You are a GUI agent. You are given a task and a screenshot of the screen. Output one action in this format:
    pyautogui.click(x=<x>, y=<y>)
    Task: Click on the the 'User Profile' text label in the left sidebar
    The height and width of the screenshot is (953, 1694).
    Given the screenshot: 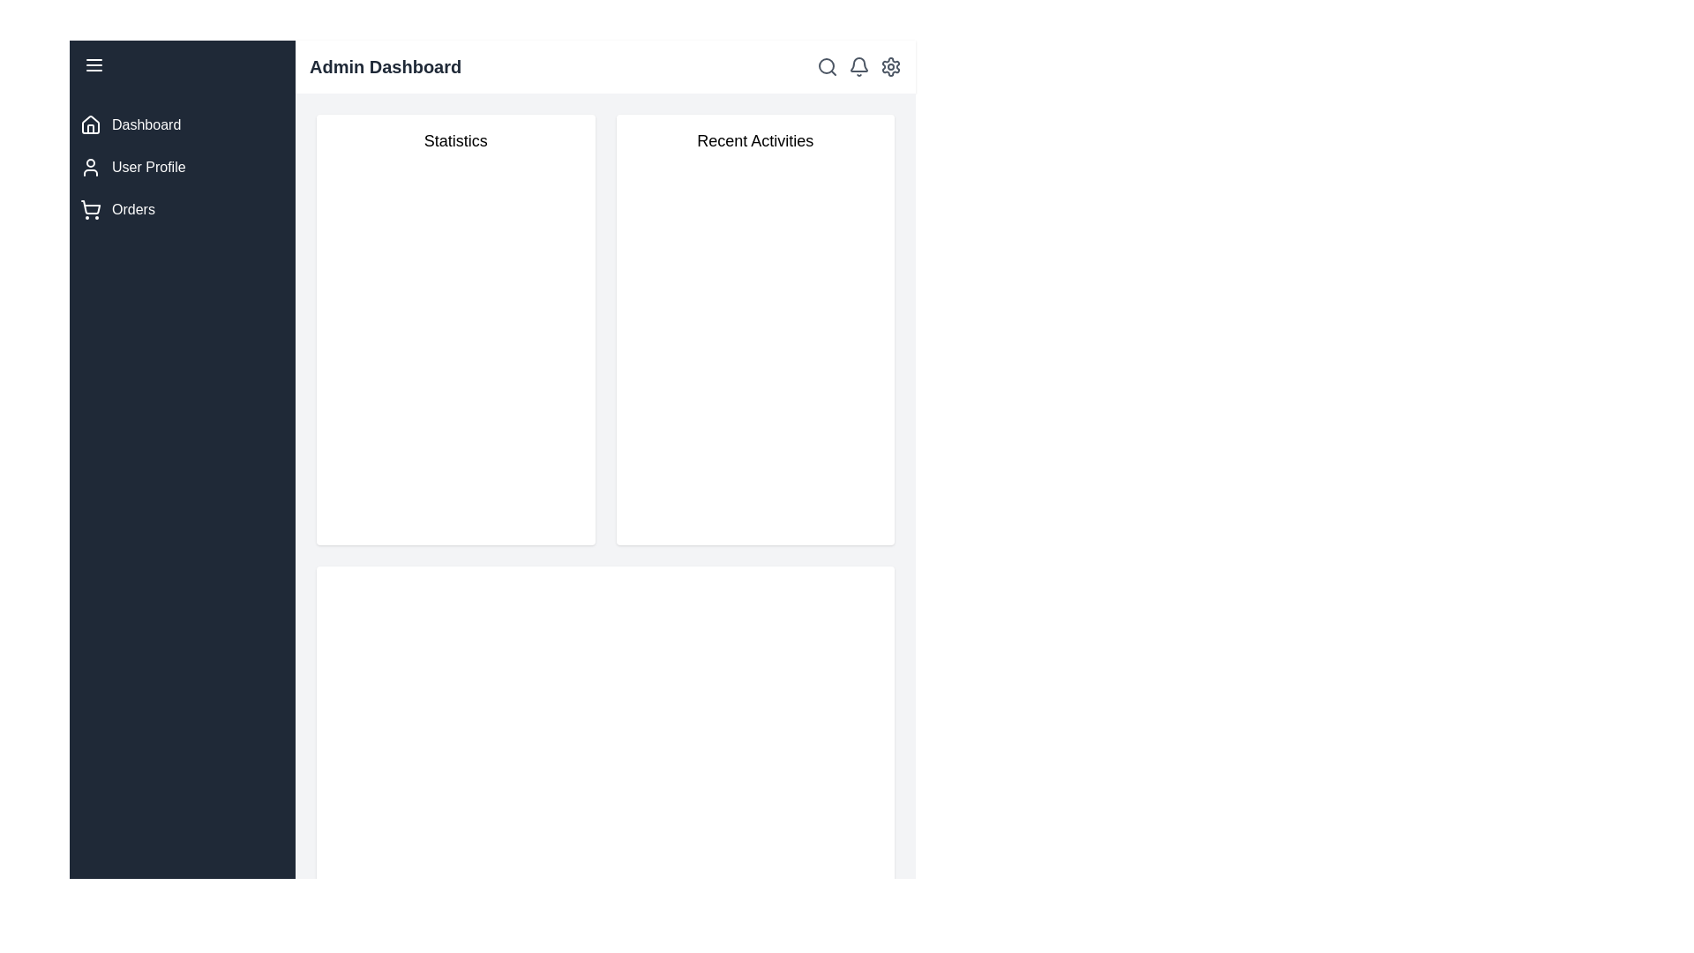 What is the action you would take?
    pyautogui.click(x=148, y=167)
    